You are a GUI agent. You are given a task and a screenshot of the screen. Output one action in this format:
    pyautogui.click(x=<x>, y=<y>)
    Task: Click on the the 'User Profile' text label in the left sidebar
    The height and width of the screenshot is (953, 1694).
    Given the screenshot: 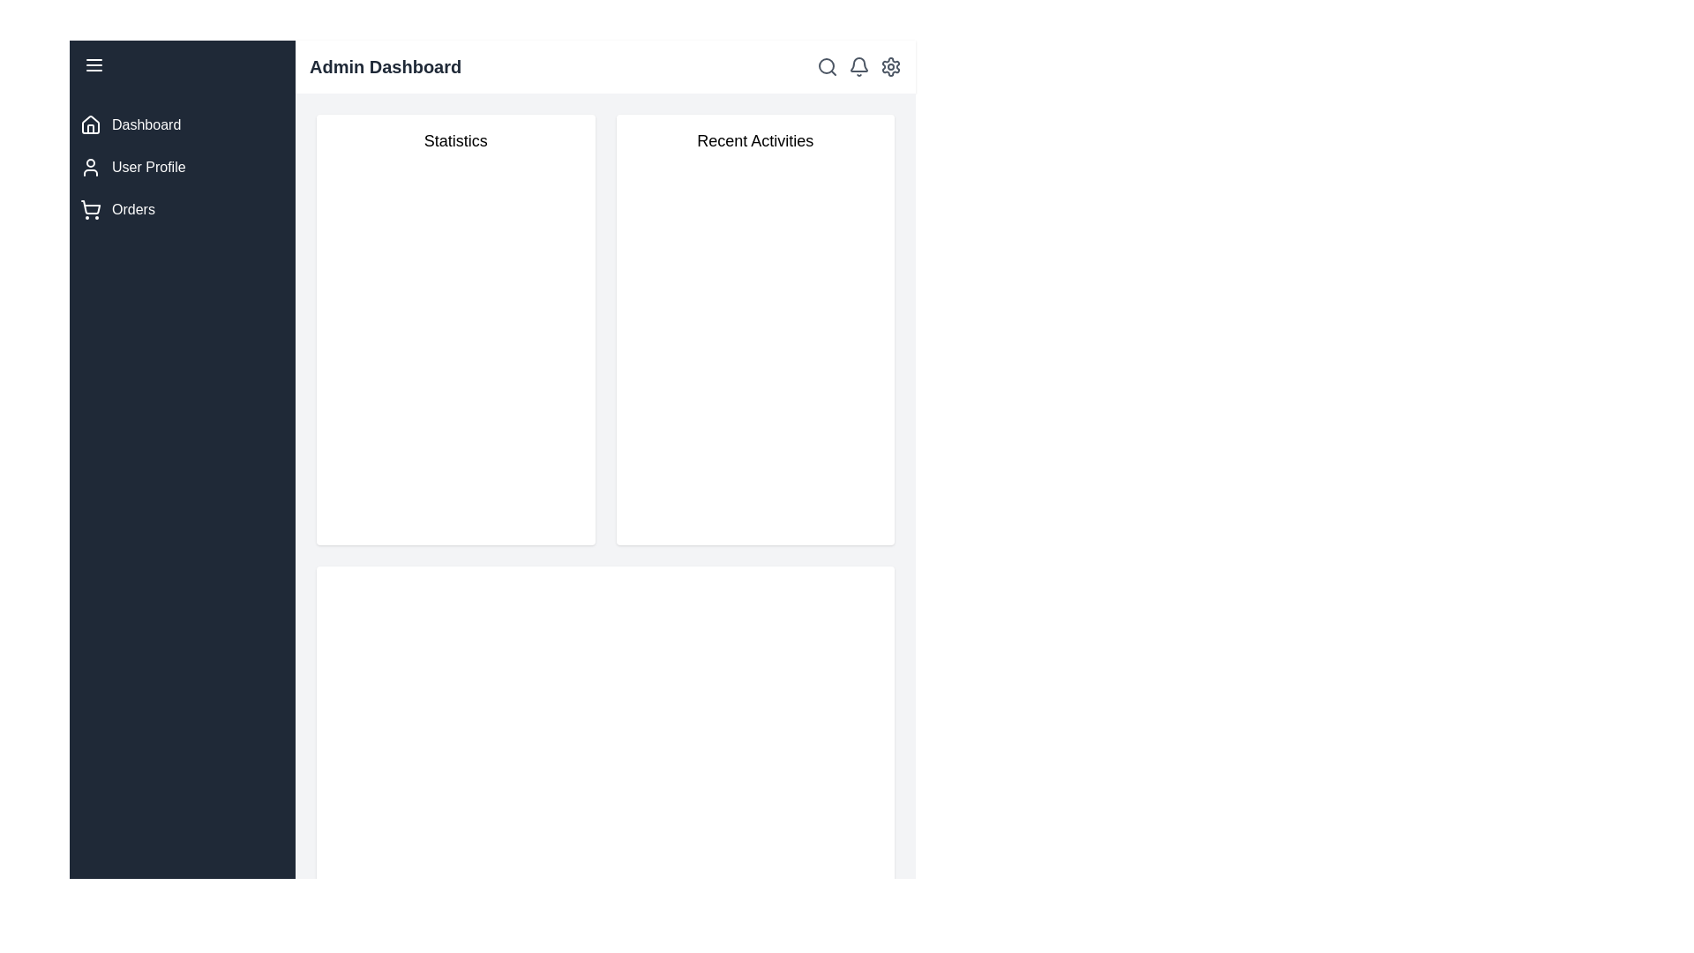 What is the action you would take?
    pyautogui.click(x=148, y=167)
    